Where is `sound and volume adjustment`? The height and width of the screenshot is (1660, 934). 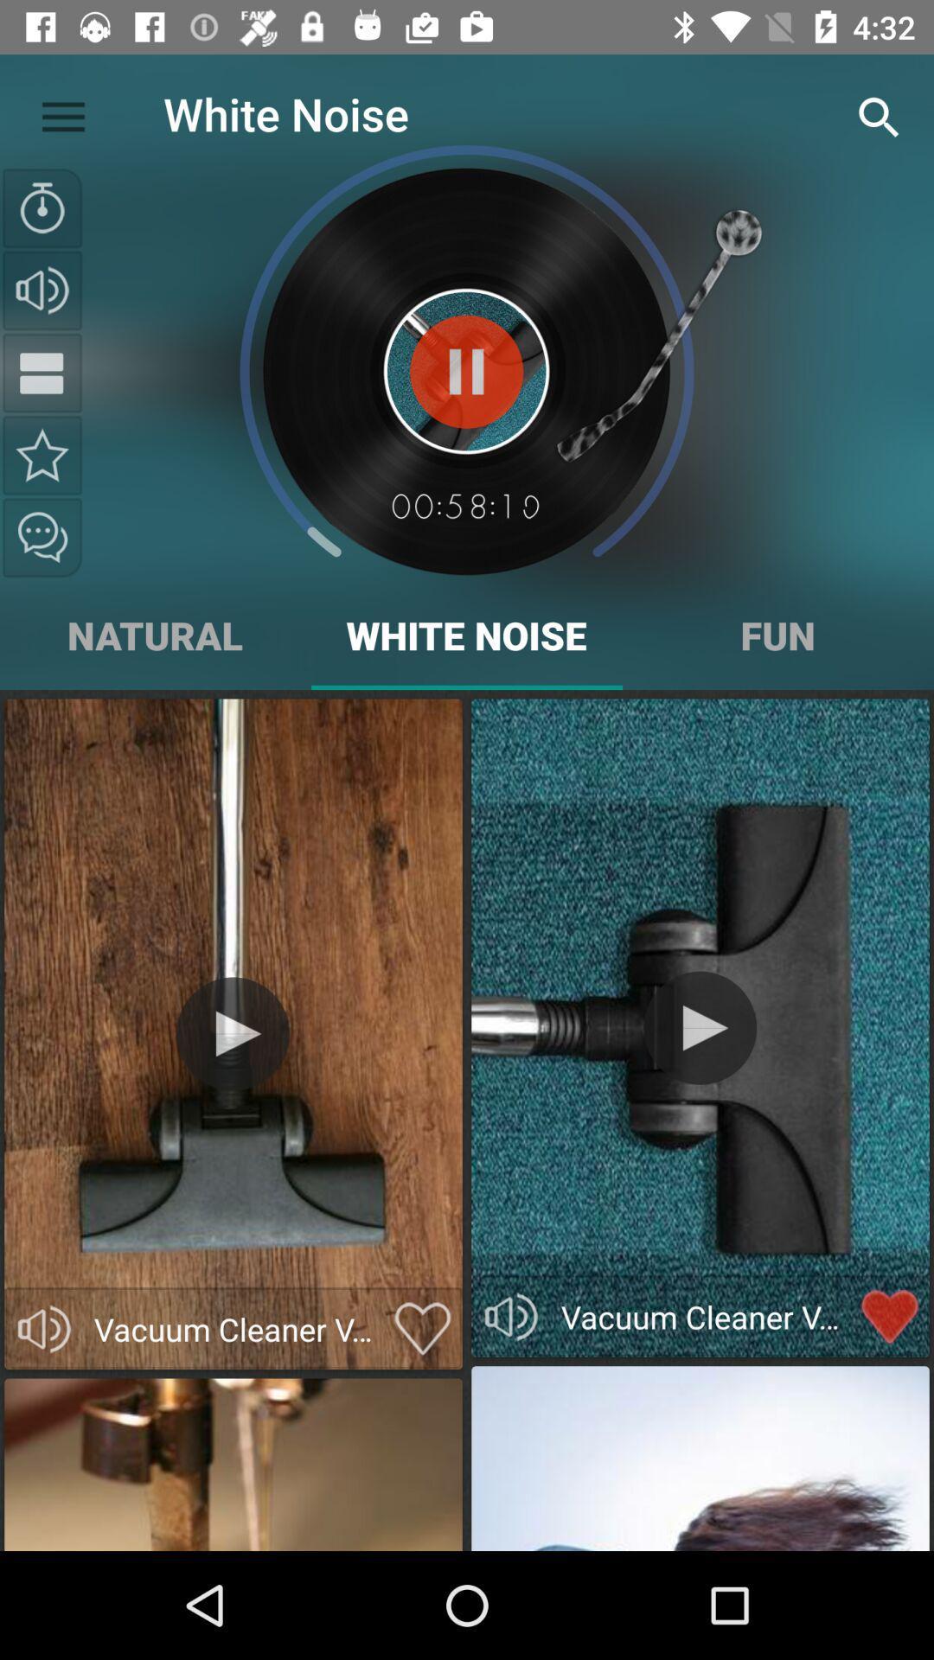
sound and volume adjustment is located at coordinates (42, 290).